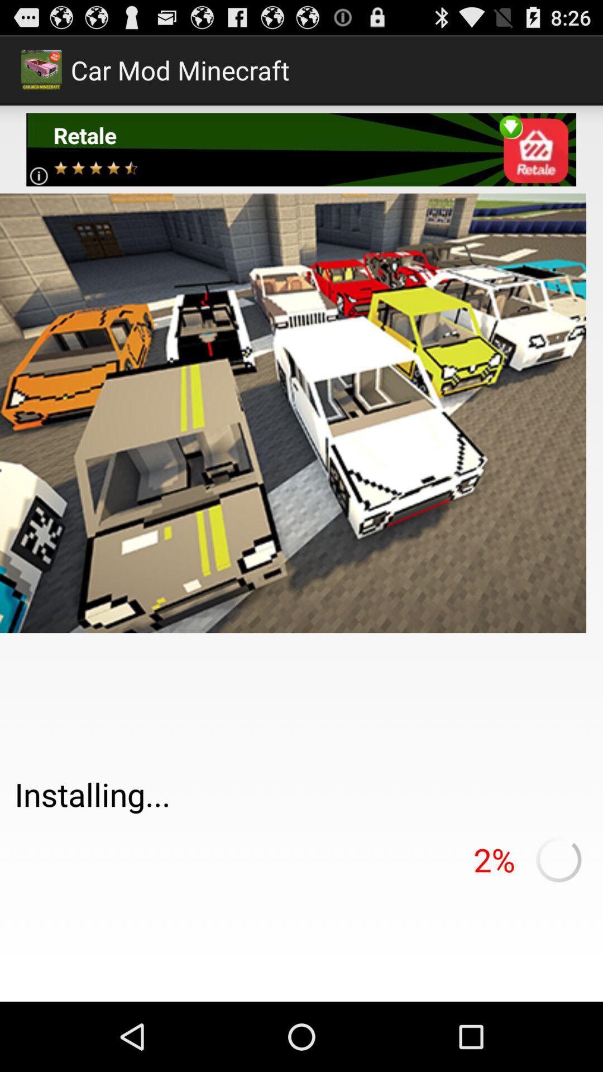 This screenshot has width=603, height=1072. What do you see at coordinates (300, 149) in the screenshot?
I see `the icon at the top` at bounding box center [300, 149].